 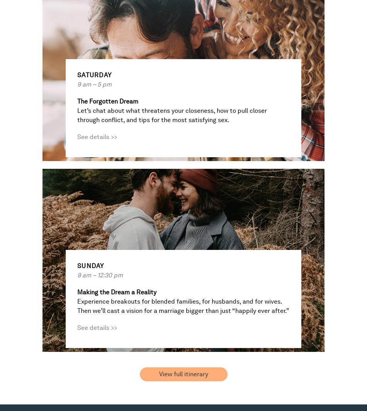 What do you see at coordinates (172, 115) in the screenshot?
I see `'Let’s chat about what threatens your closeness, how to pull closer through conflict, and tips for the most satisfying sex.'` at bounding box center [172, 115].